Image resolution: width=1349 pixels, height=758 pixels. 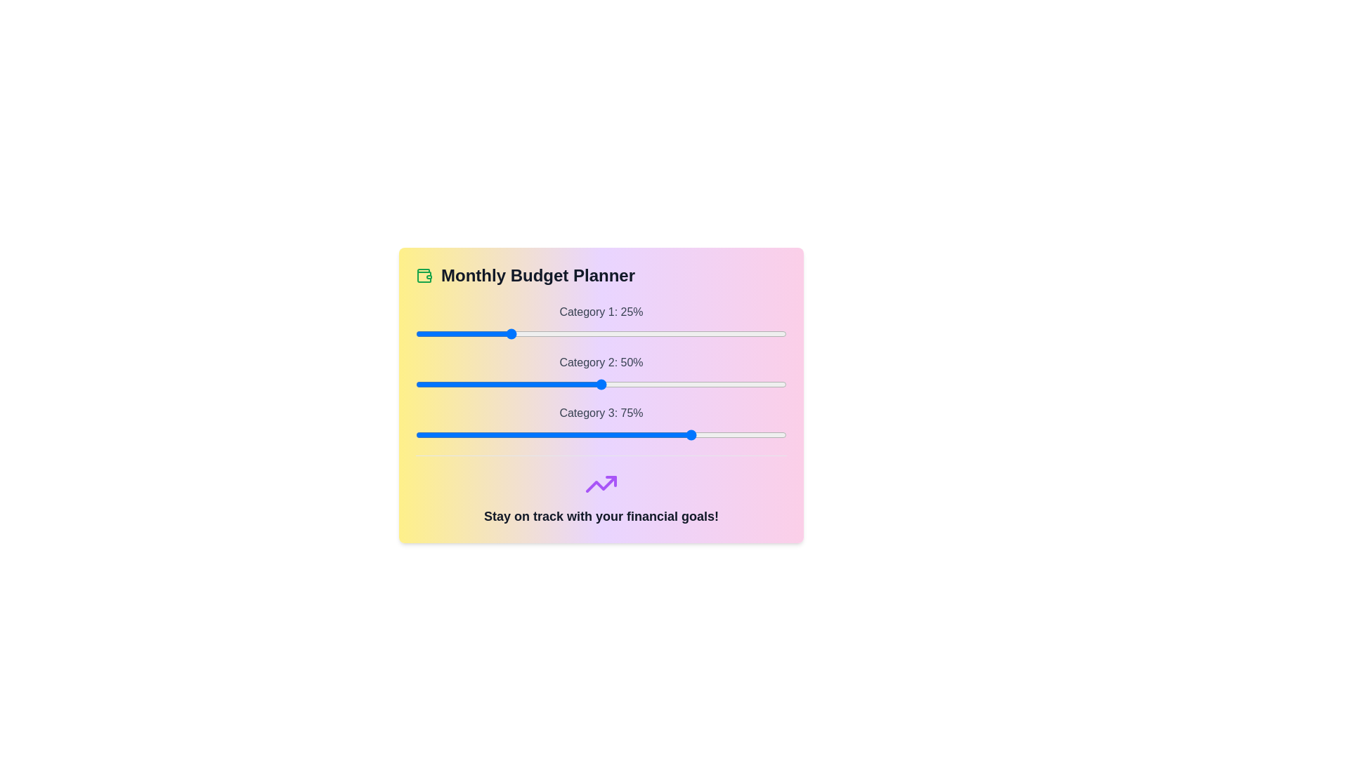 What do you see at coordinates (422, 333) in the screenshot?
I see `the slider for Category 1 to 2%` at bounding box center [422, 333].